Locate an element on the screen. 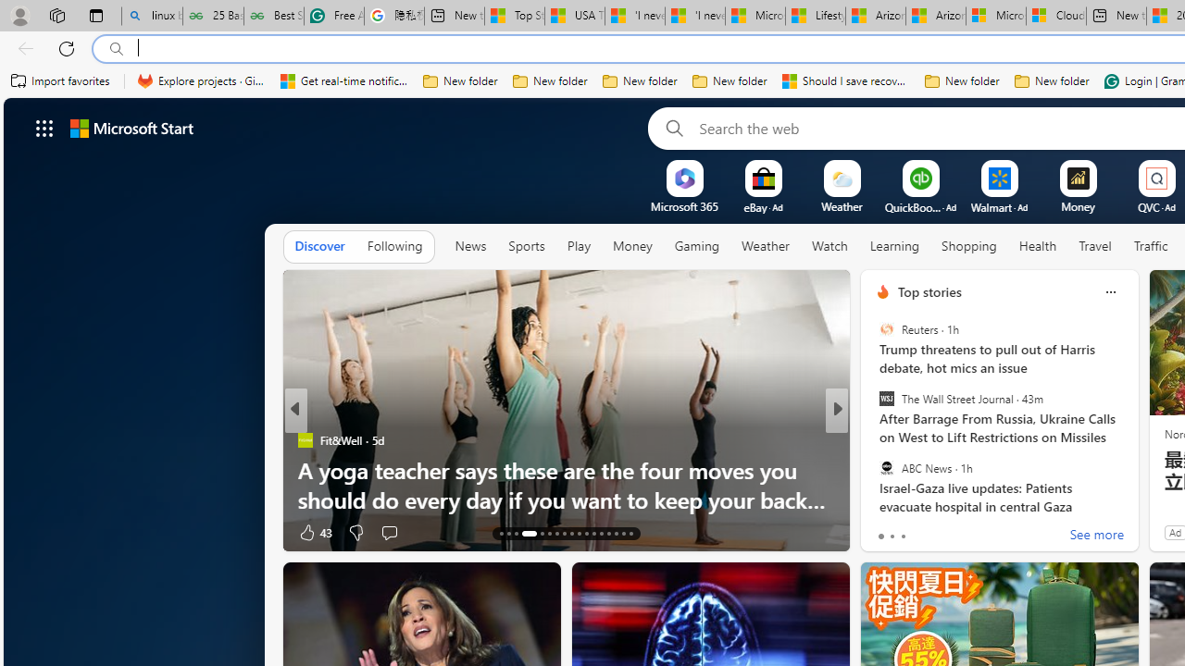  'AutomationID: tab-29' is located at coordinates (630, 534).